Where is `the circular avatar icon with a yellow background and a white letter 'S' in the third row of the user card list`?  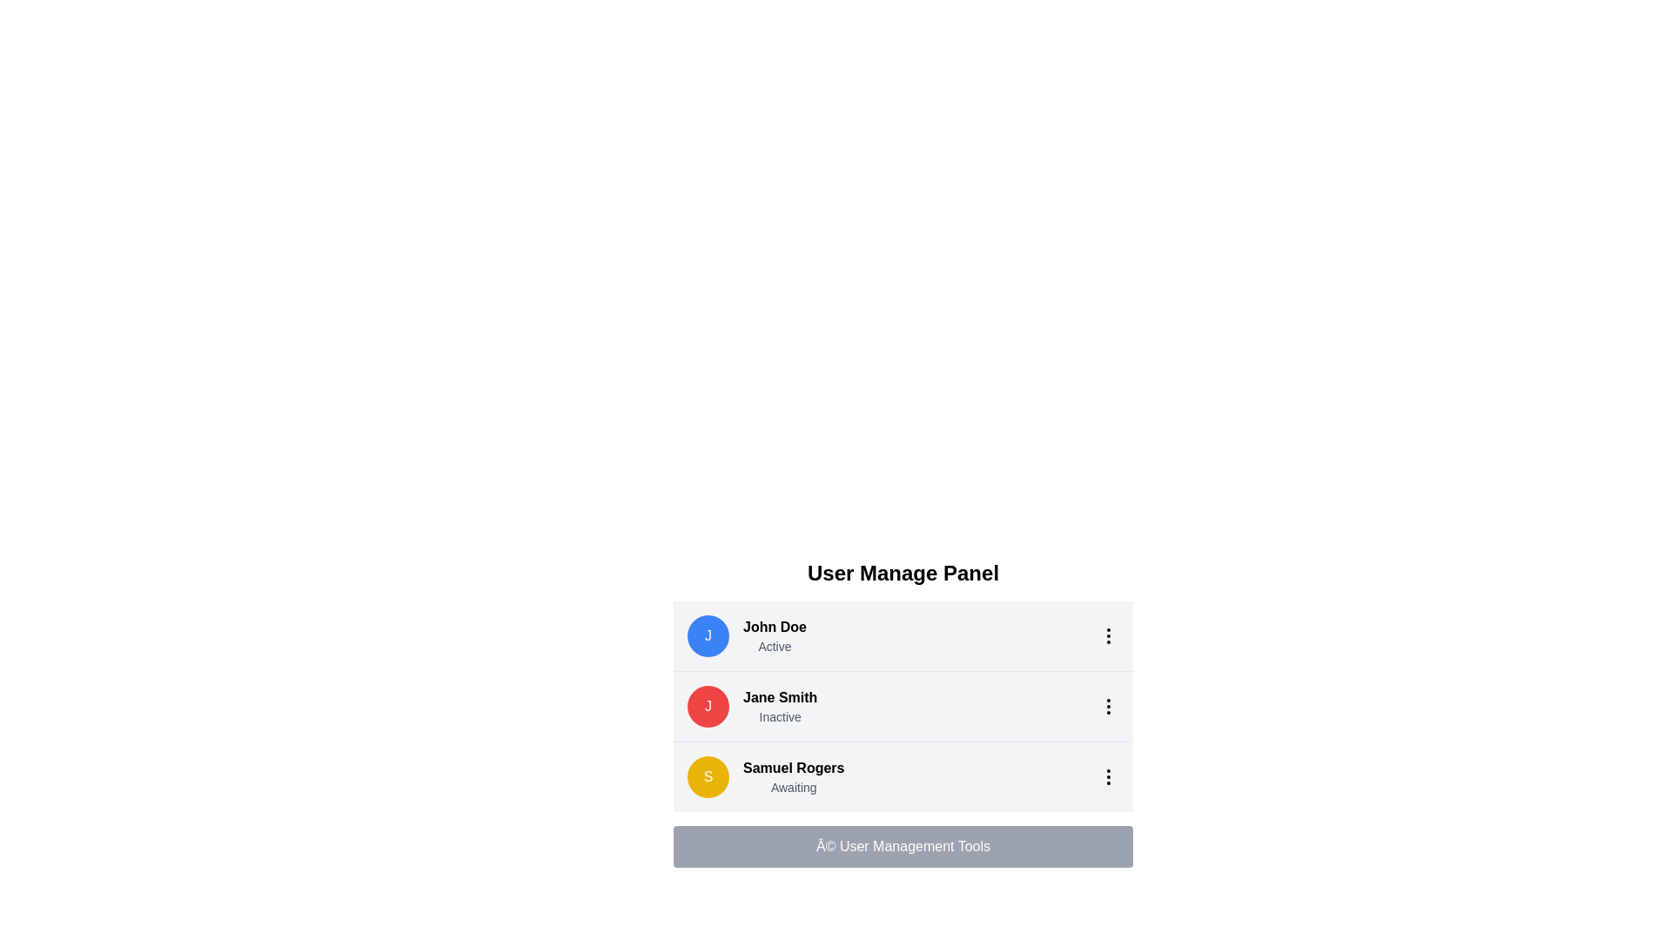 the circular avatar icon with a yellow background and a white letter 'S' in the third row of the user card list is located at coordinates (708, 776).